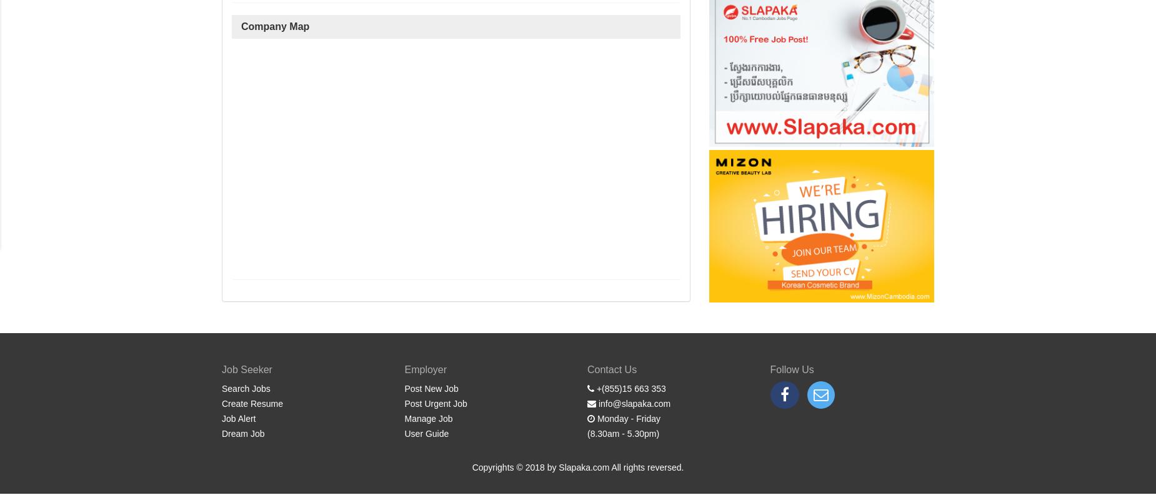 The height and width of the screenshot is (500, 1156). I want to click on 'Post Urgent Job', so click(436, 403).